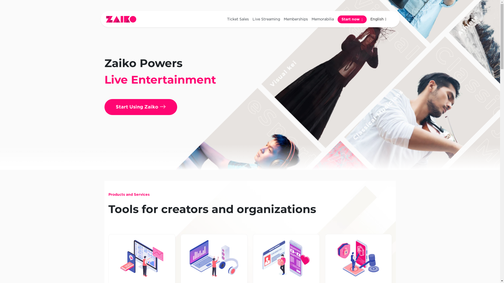  I want to click on 'Live Streaming', so click(266, 19).